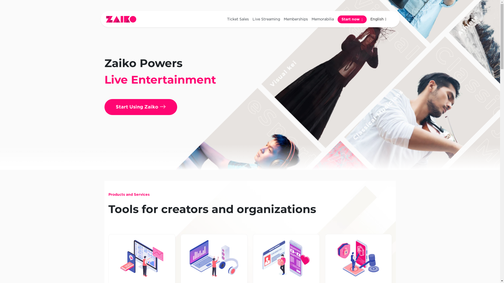  I want to click on 'Live Streaming', so click(266, 19).